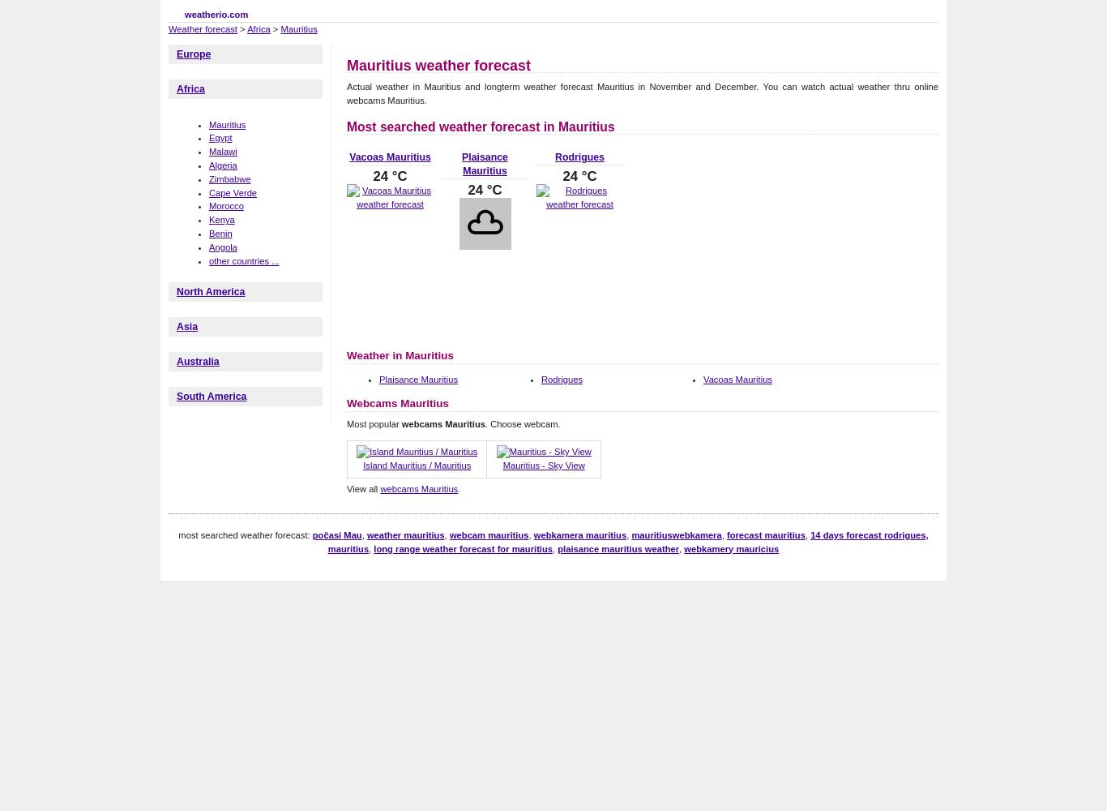 The height and width of the screenshot is (811, 1107). Describe the element at coordinates (168, 28) in the screenshot. I see `'Weather forecast'` at that location.